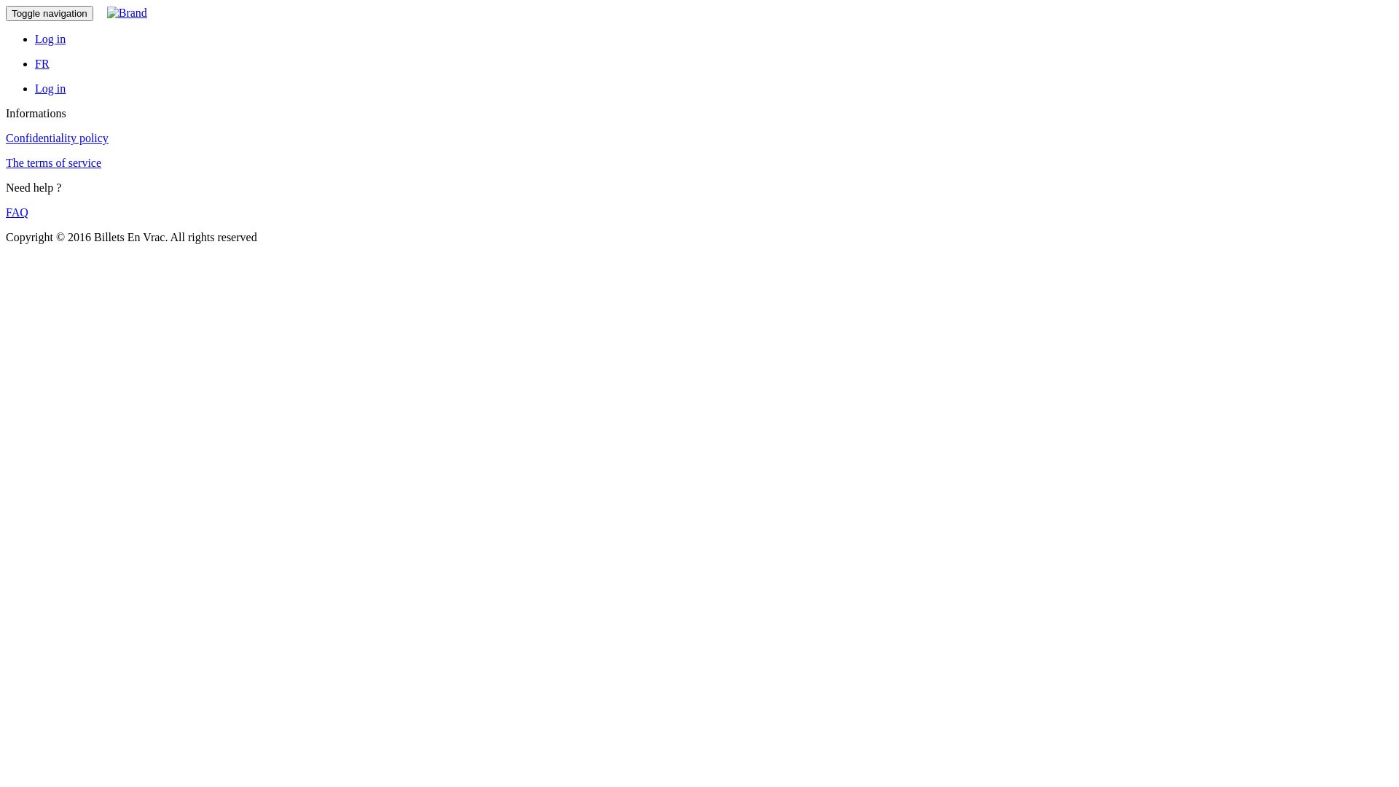  I want to click on 'FAQ', so click(17, 212).